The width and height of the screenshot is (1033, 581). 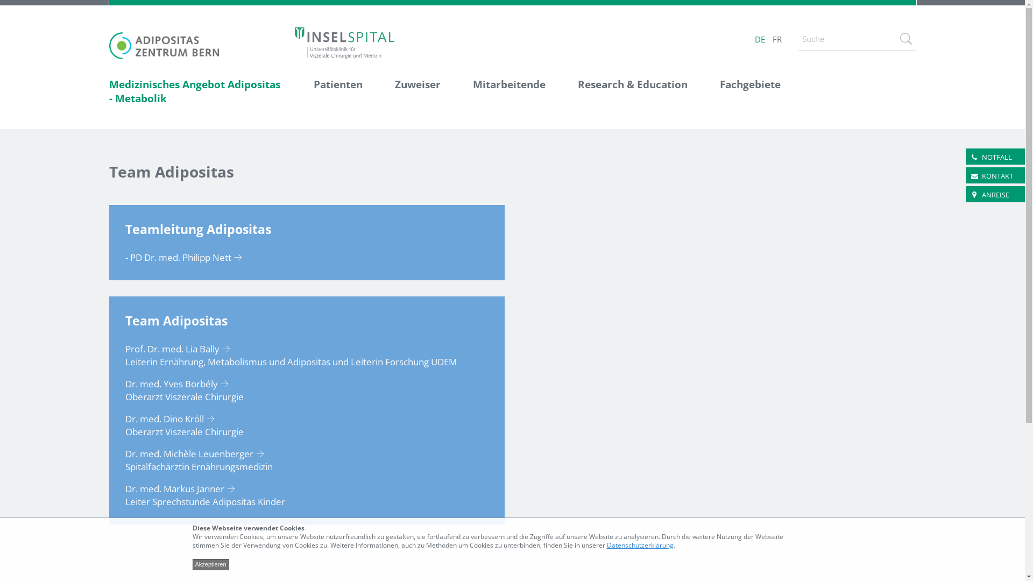 What do you see at coordinates (163, 45) in the screenshot?
I see `'Adipositaszentrum Bern'` at bounding box center [163, 45].